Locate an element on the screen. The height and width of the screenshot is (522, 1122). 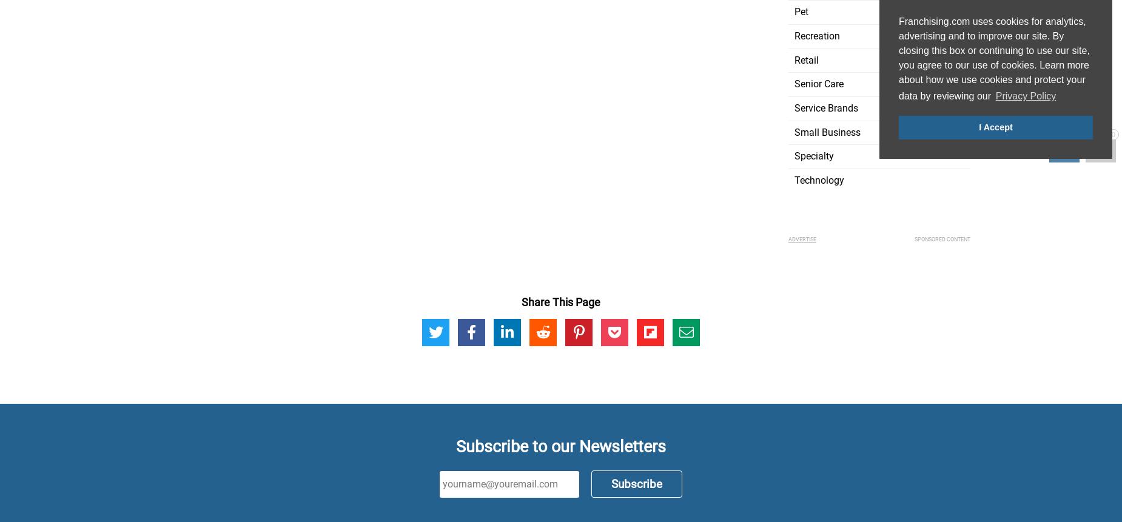
'Service Brands' is located at coordinates (793, 108).